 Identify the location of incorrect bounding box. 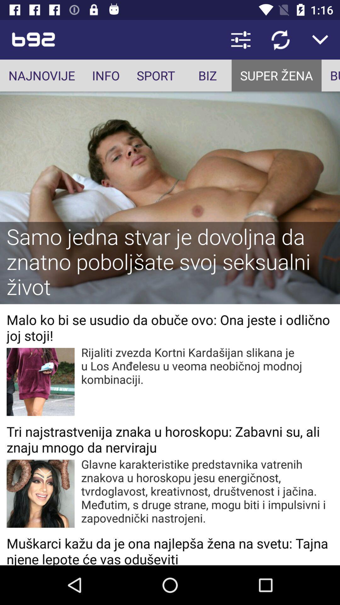
(330, 75).